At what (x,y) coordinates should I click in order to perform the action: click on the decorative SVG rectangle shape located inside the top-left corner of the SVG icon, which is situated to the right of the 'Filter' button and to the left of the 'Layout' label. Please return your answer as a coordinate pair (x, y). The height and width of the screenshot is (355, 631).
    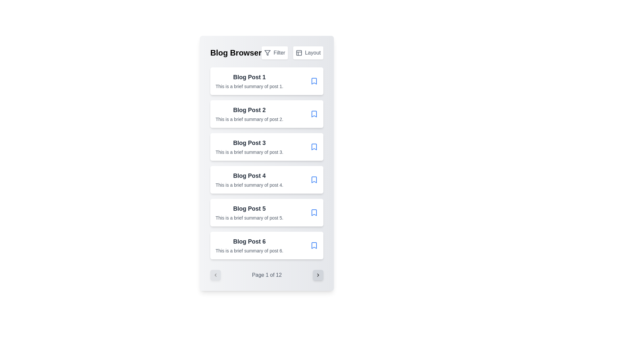
    Looking at the image, I should click on (298, 53).